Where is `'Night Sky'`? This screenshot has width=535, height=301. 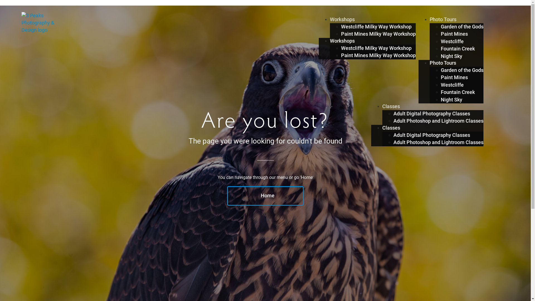 'Night Sky' is located at coordinates (451, 99).